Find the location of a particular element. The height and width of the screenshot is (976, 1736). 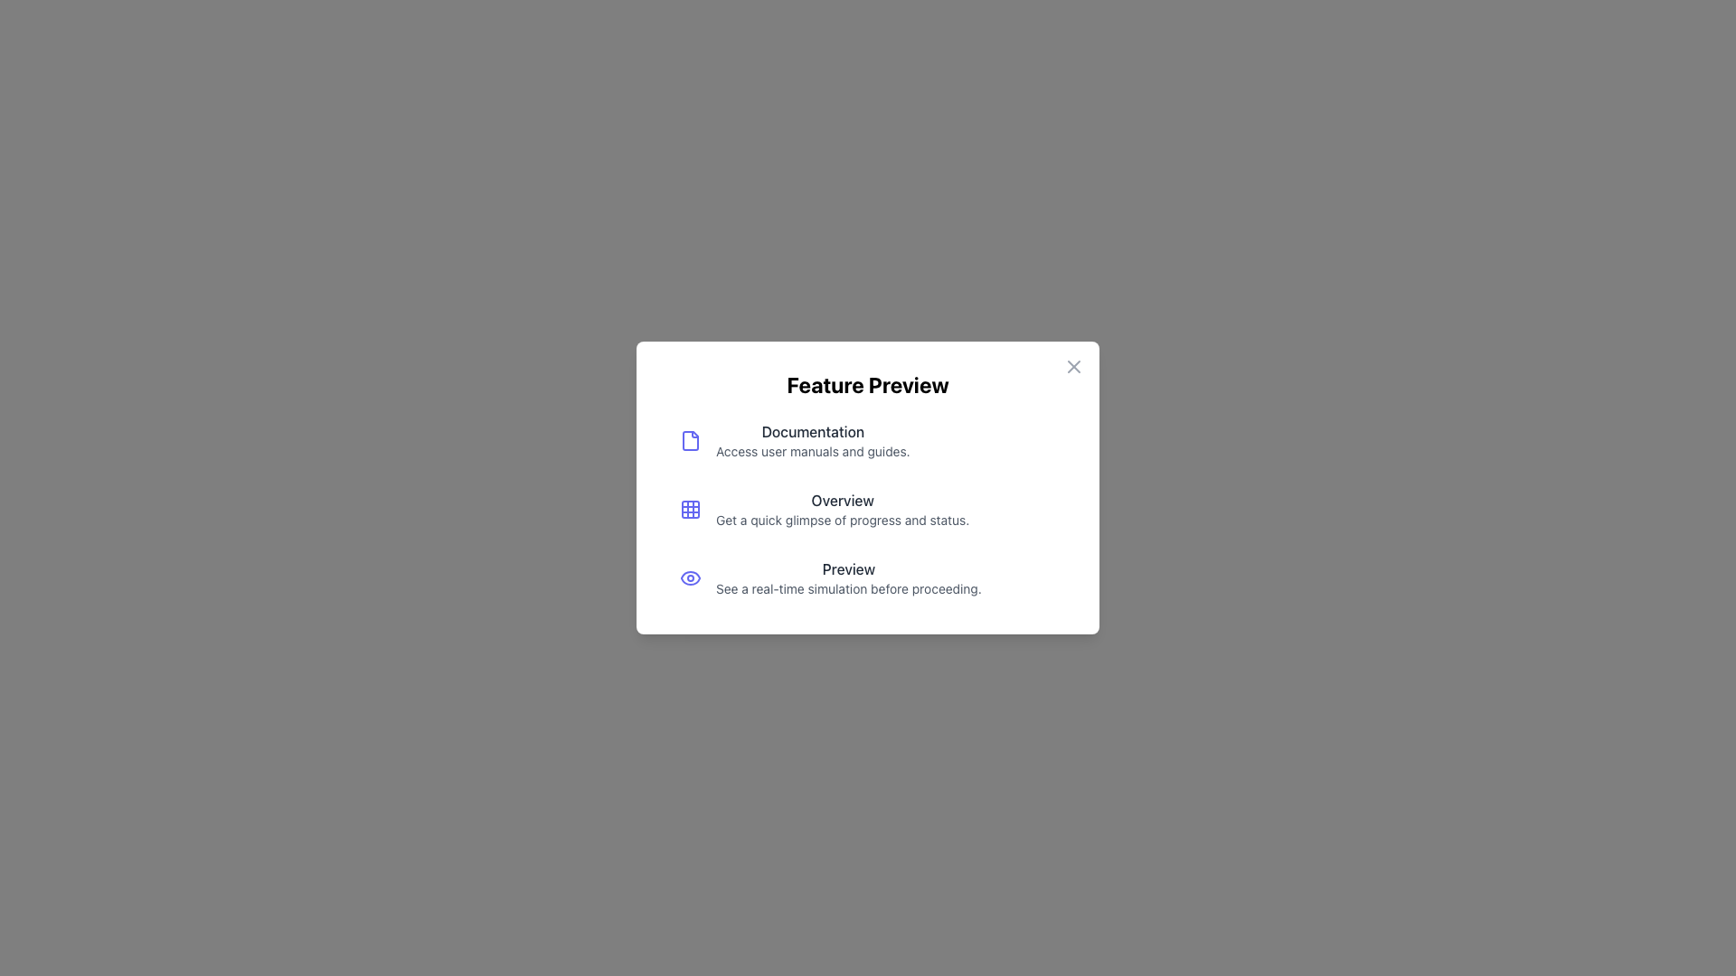

the second interactive list item labeled 'Overview' in the 'Feature Preview' dialog box is located at coordinates (868, 509).